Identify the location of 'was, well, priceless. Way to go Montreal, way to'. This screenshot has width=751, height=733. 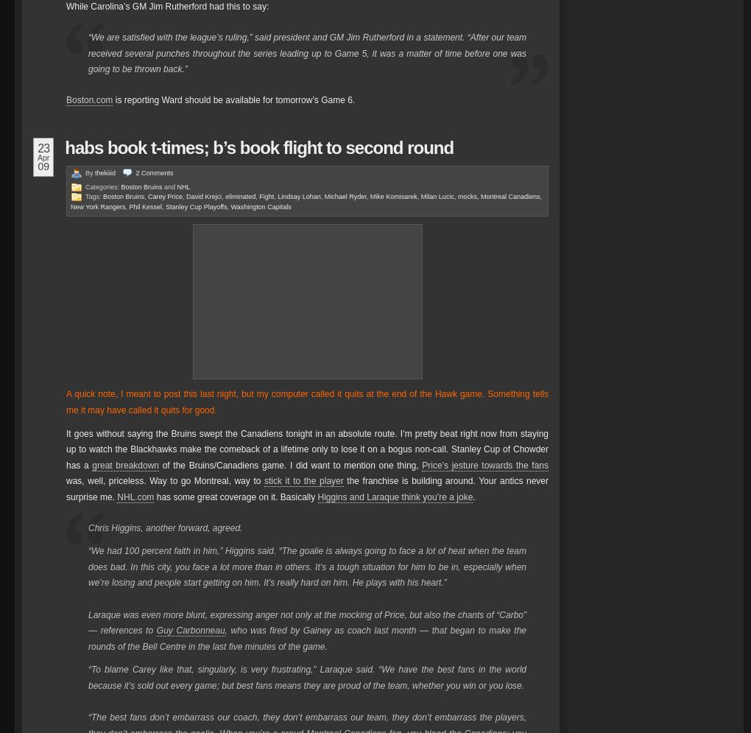
(165, 480).